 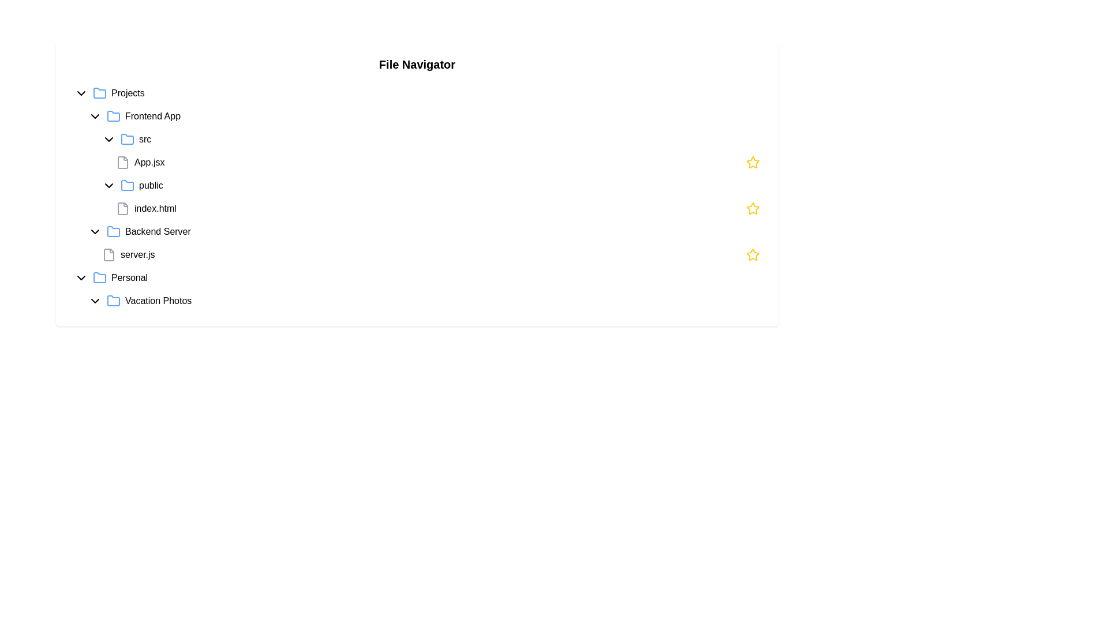 I want to click on the 'Personal' folder text label in the file navigation interface, so click(x=129, y=278).